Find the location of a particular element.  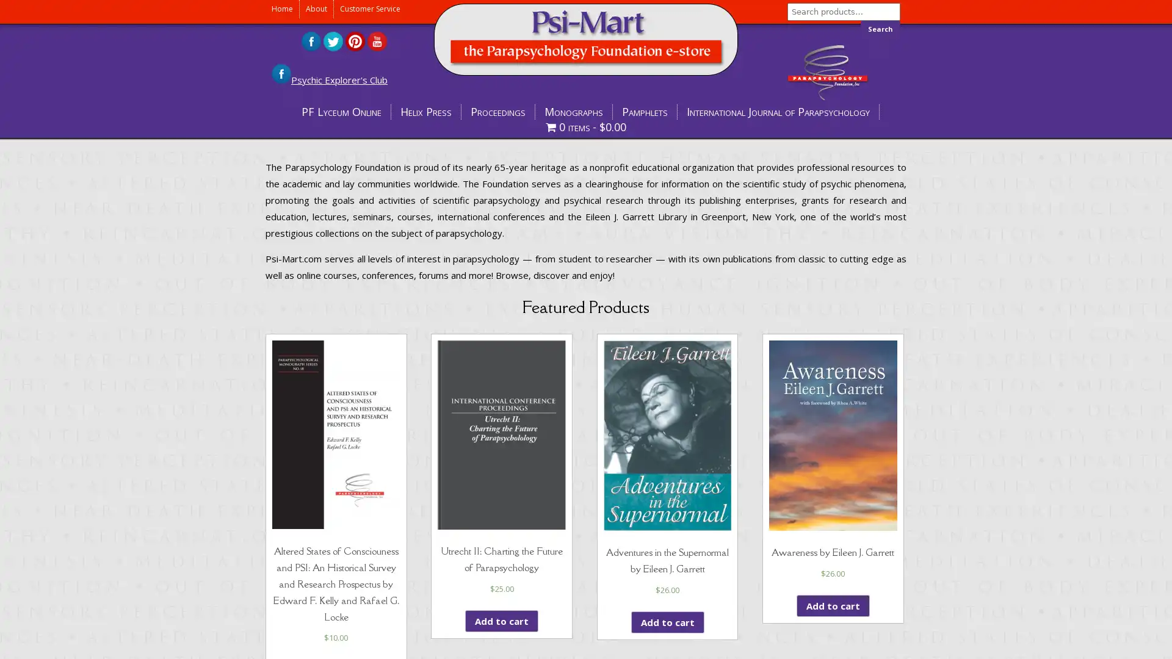

Search is located at coordinates (880, 28).